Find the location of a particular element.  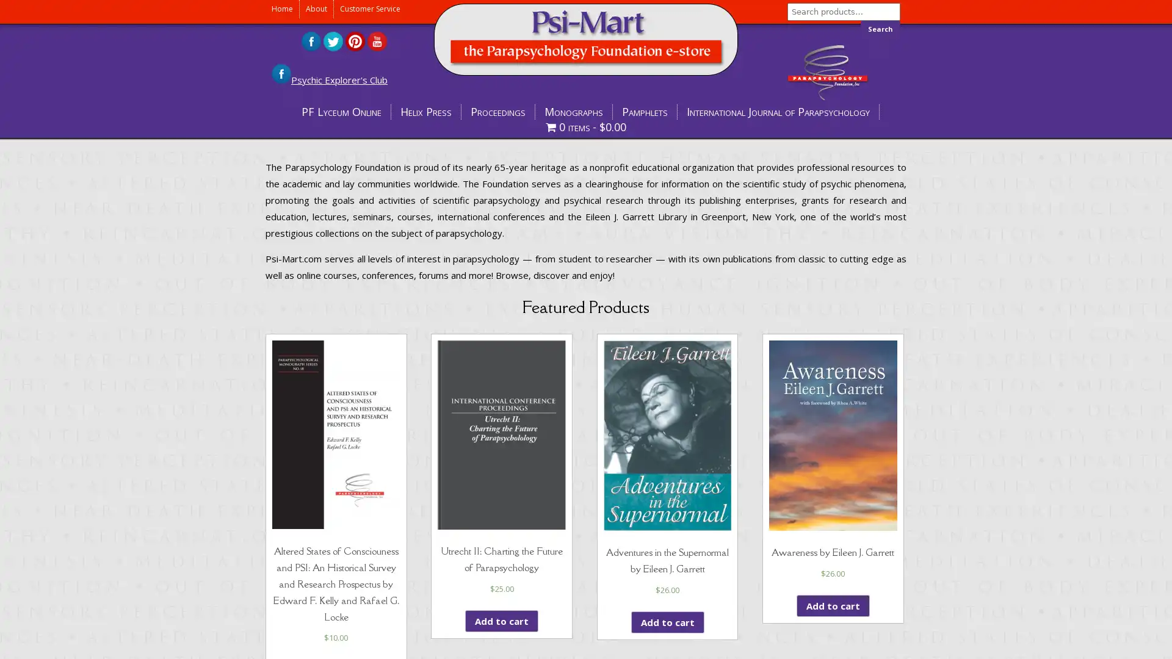

Search is located at coordinates (880, 28).